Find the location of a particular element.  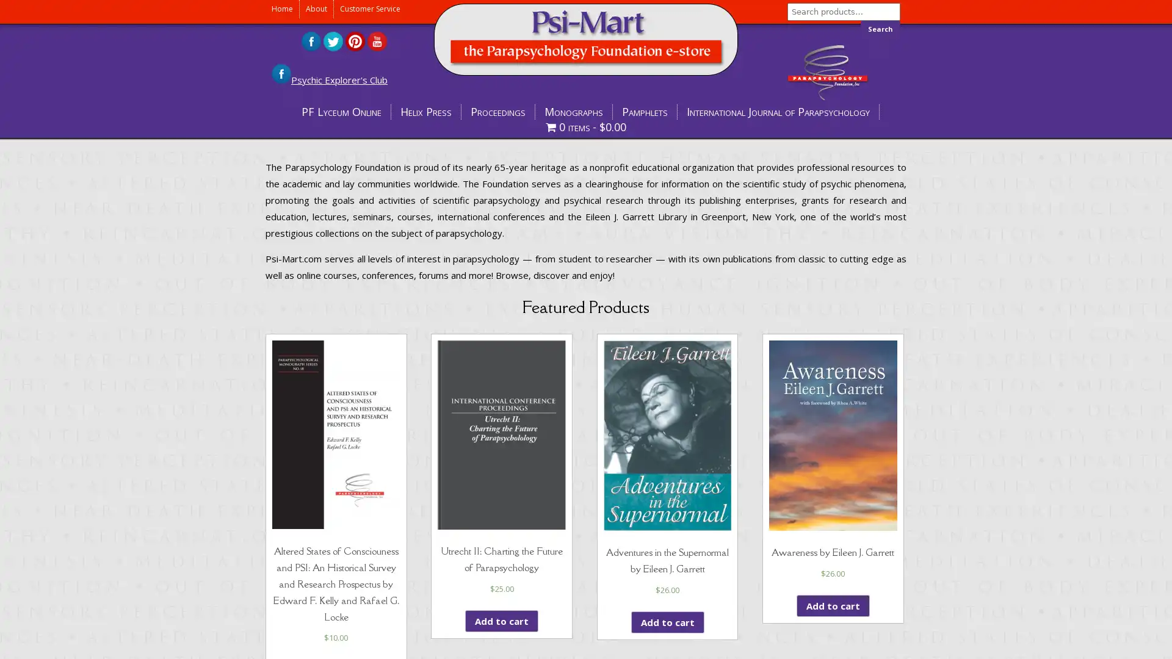

Search is located at coordinates (880, 28).